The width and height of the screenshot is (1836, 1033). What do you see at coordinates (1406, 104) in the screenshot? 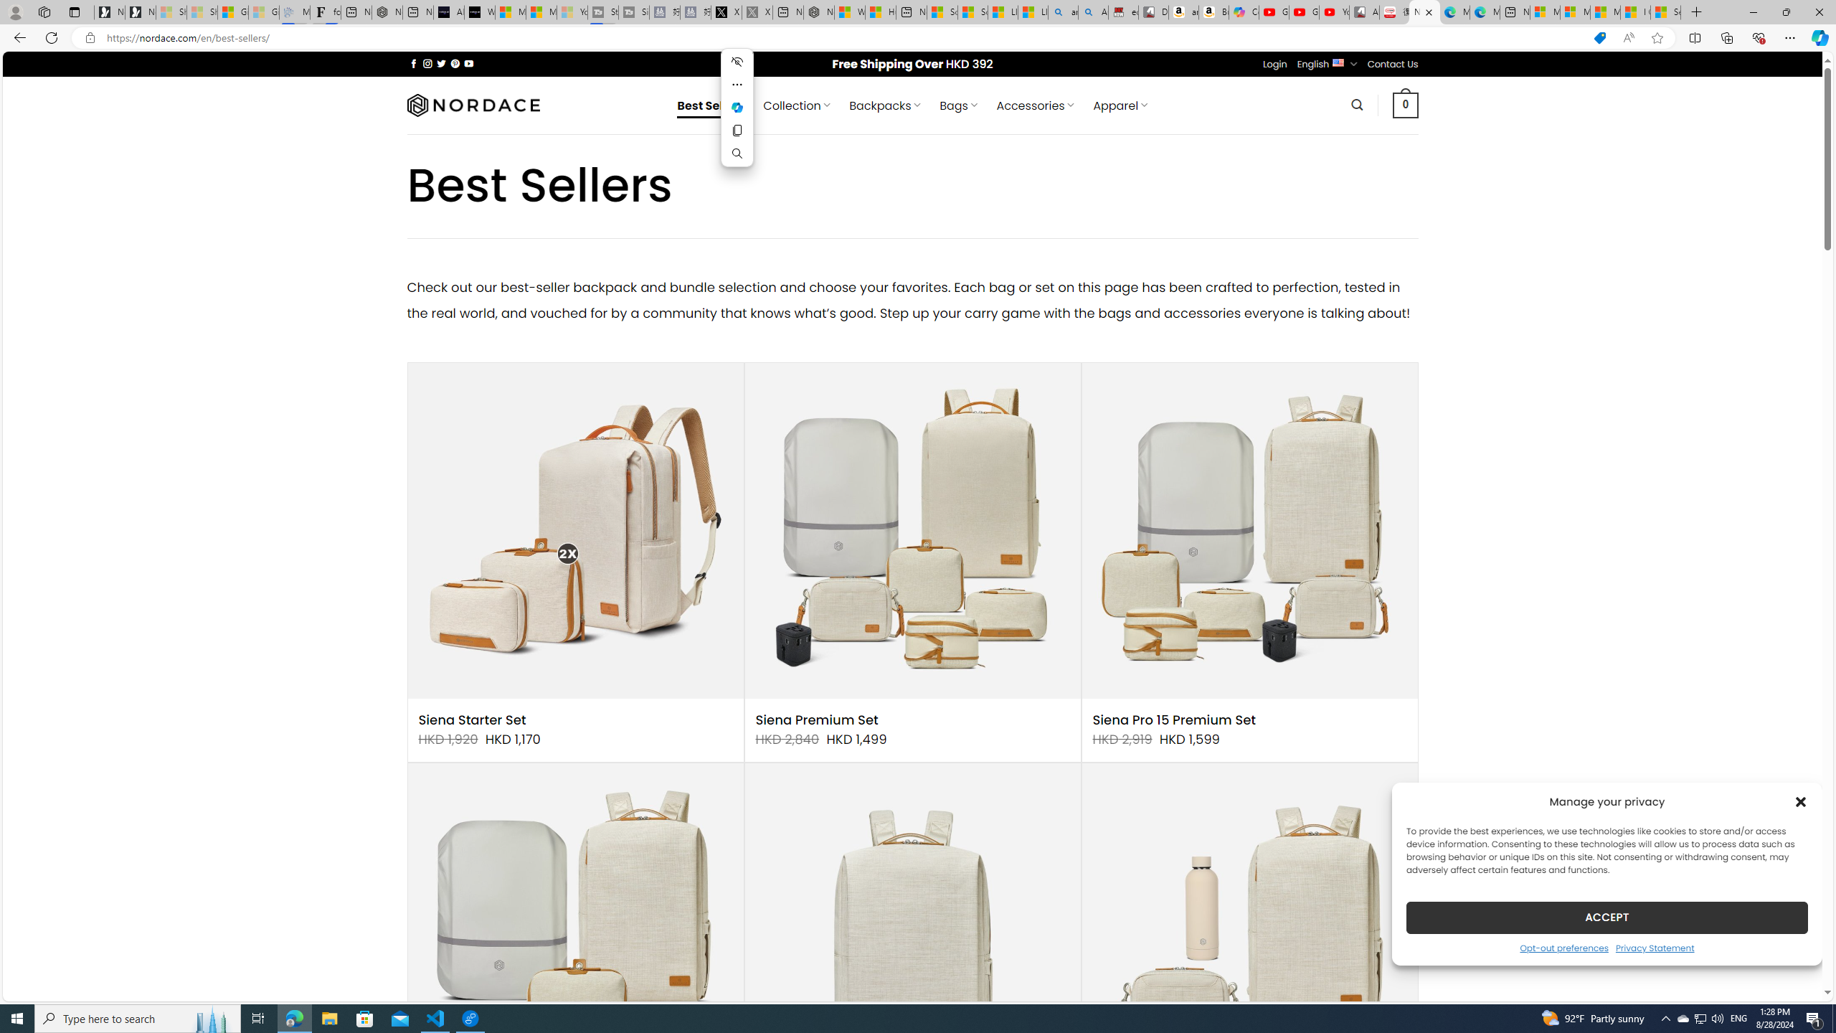
I see `'  0  '` at bounding box center [1406, 104].